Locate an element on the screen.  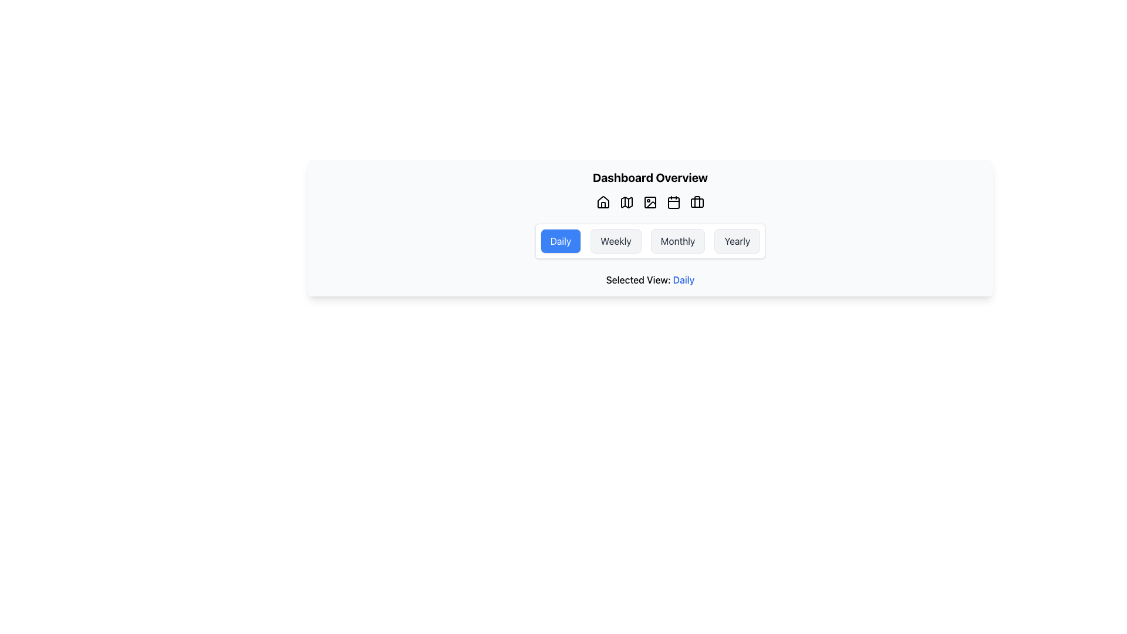
the blue 'Daily' button with rounded corners is located at coordinates (560, 241).